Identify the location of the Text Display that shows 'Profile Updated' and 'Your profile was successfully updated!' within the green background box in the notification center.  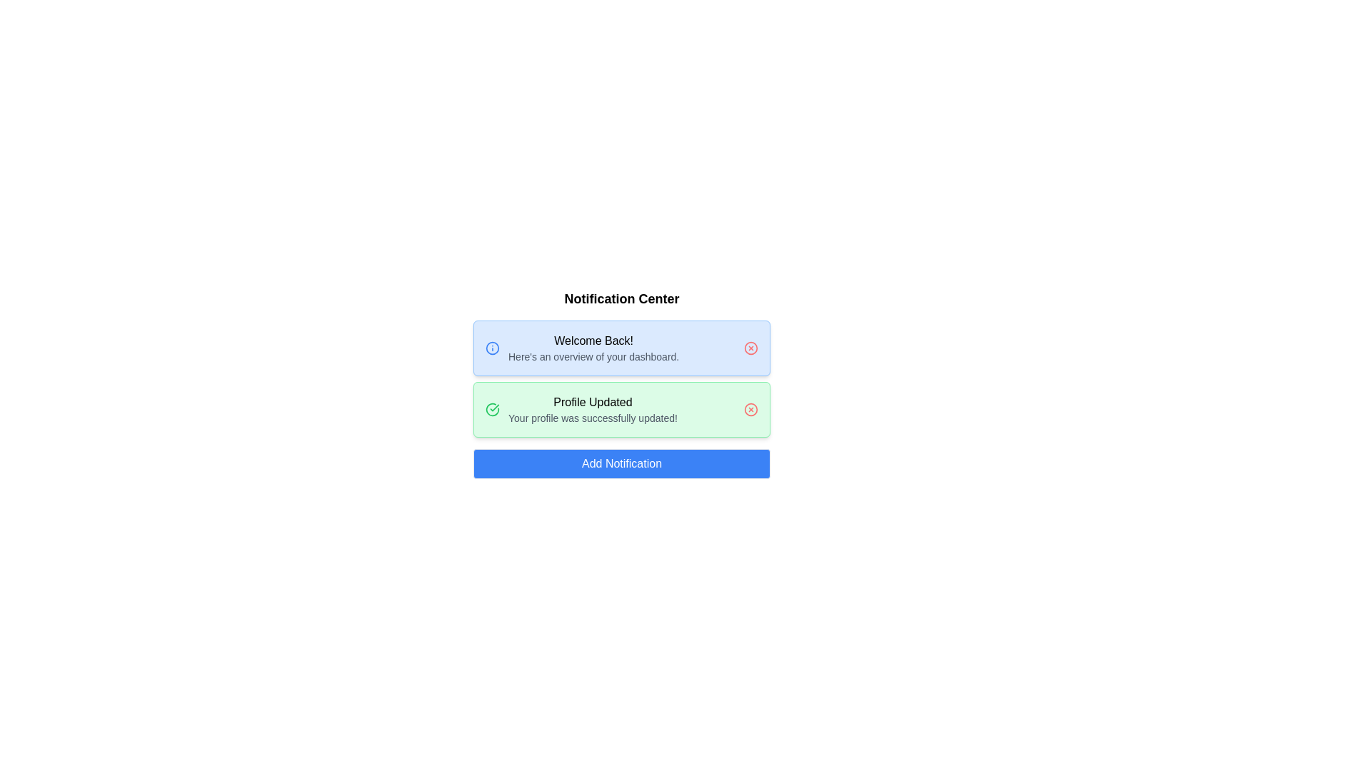
(593, 410).